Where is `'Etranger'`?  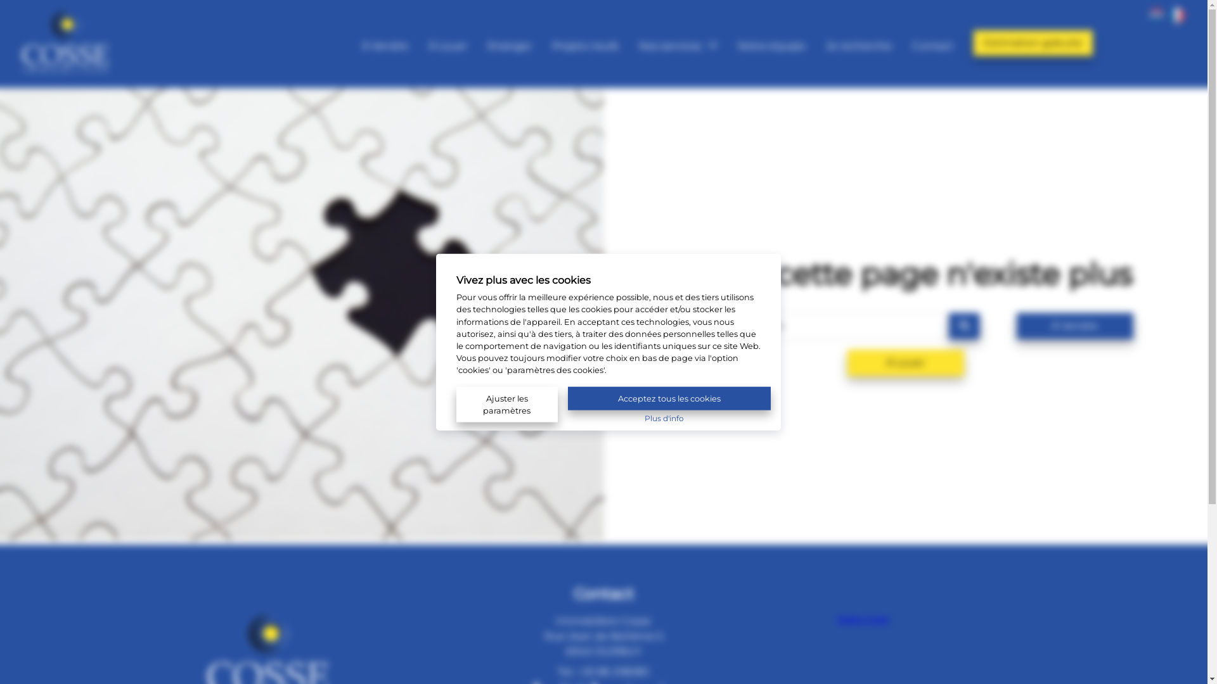 'Etranger' is located at coordinates (510, 42).